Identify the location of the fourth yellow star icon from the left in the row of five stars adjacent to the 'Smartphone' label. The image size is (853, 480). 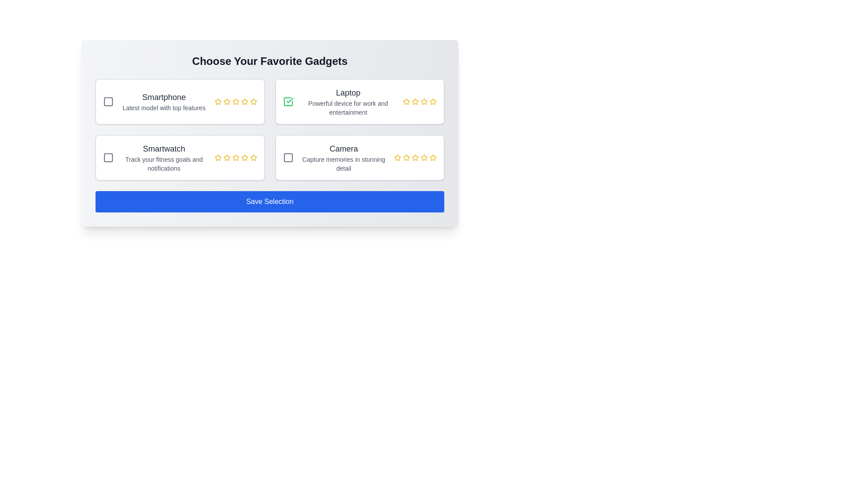
(235, 101).